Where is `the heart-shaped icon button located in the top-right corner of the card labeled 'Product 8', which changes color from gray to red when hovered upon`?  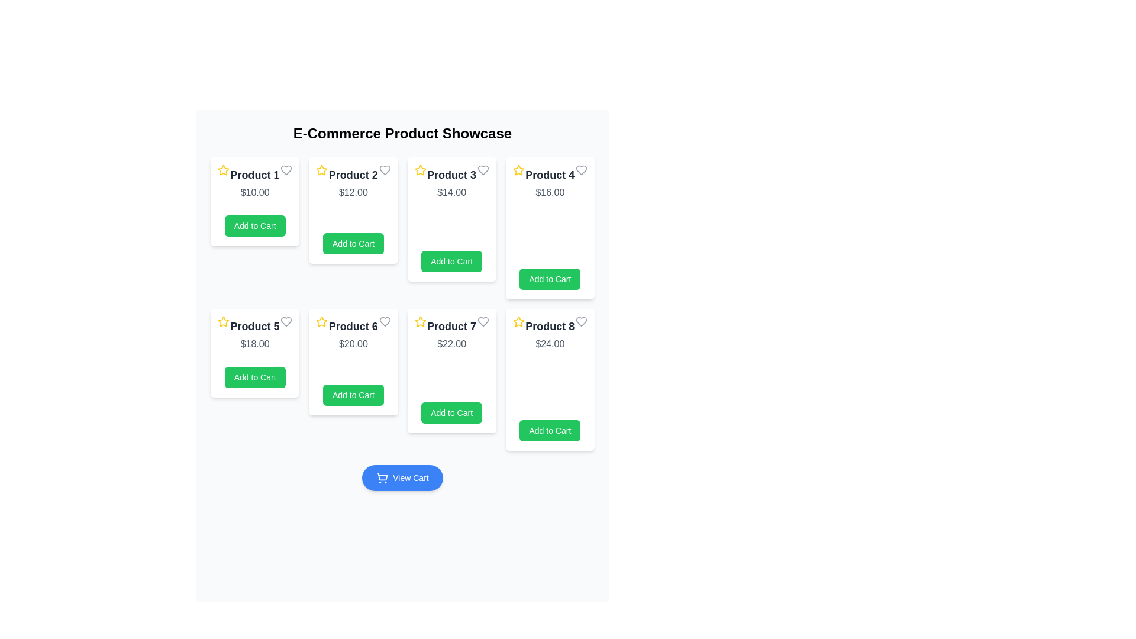 the heart-shaped icon button located in the top-right corner of the card labeled 'Product 8', which changes color from gray to red when hovered upon is located at coordinates (582, 321).